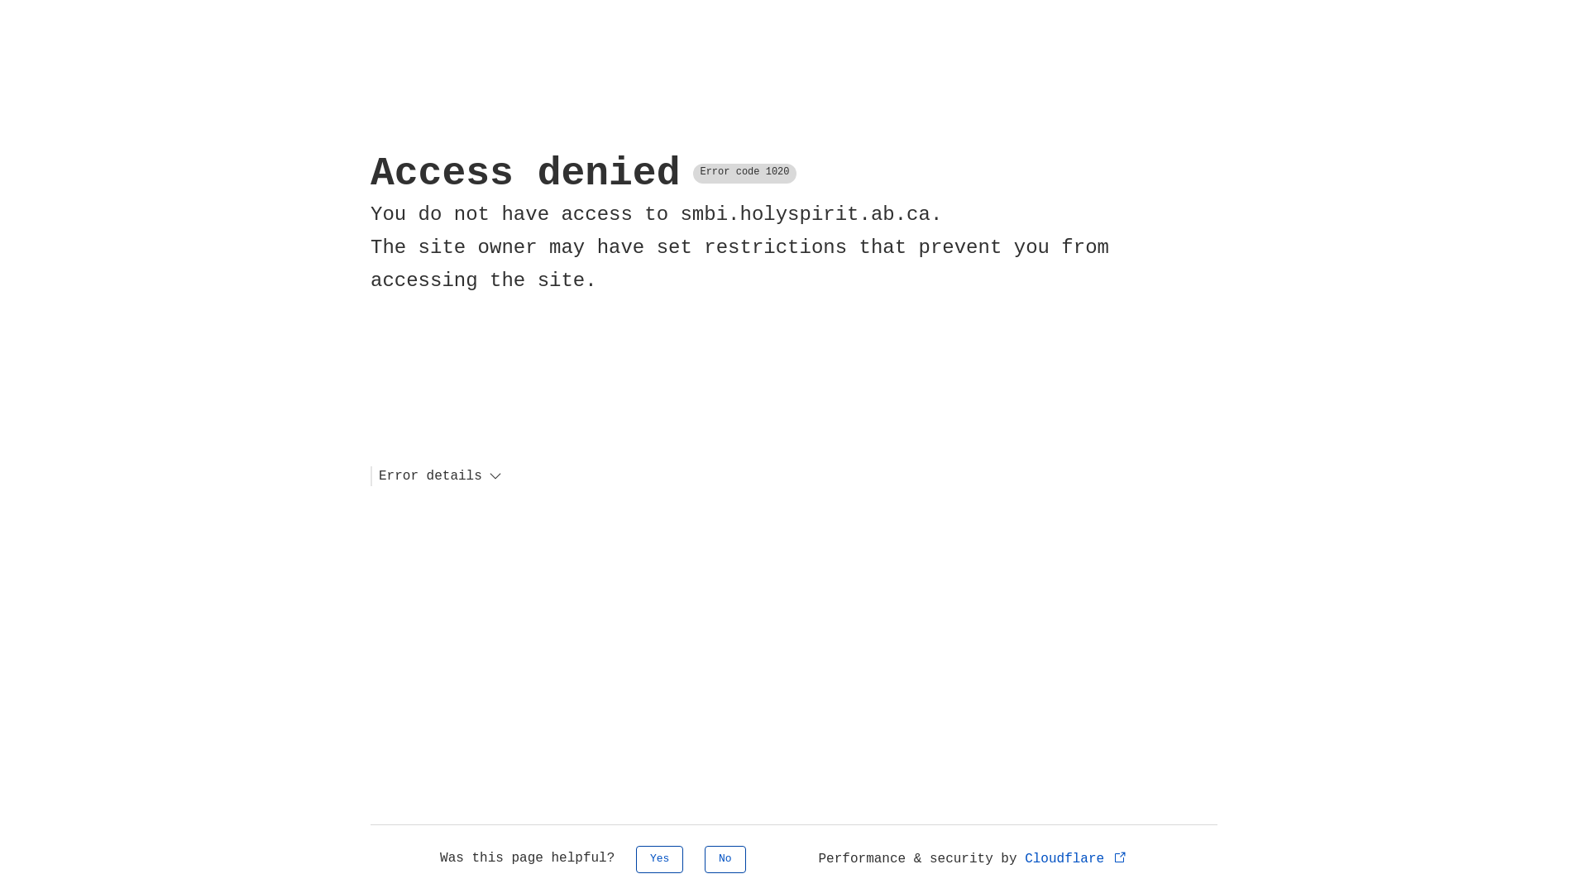 This screenshot has width=1588, height=893. I want to click on 'Opens in new tab', so click(1115, 856).